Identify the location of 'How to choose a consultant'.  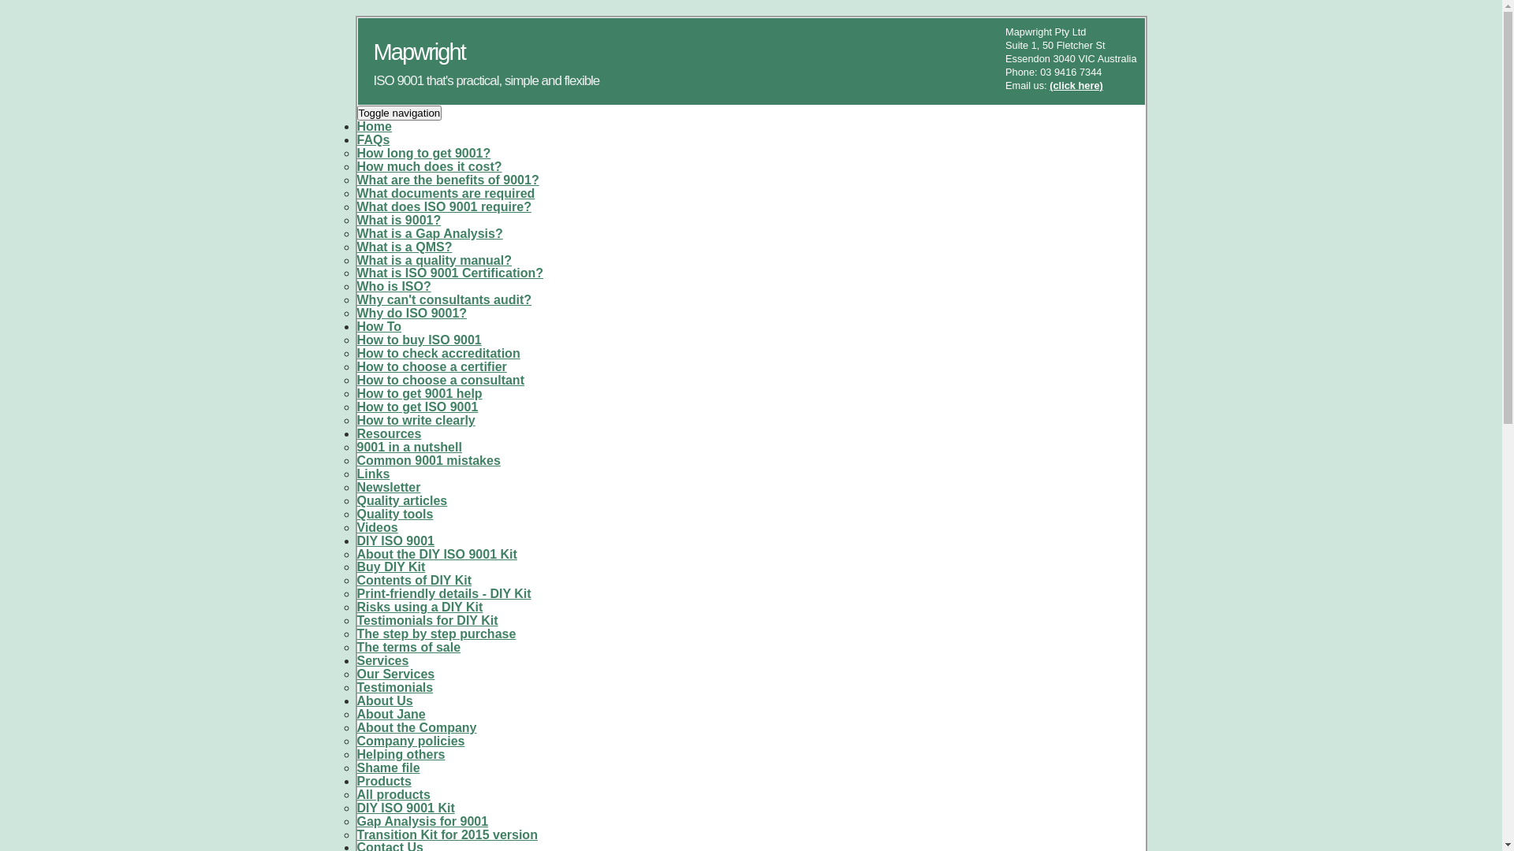
(439, 380).